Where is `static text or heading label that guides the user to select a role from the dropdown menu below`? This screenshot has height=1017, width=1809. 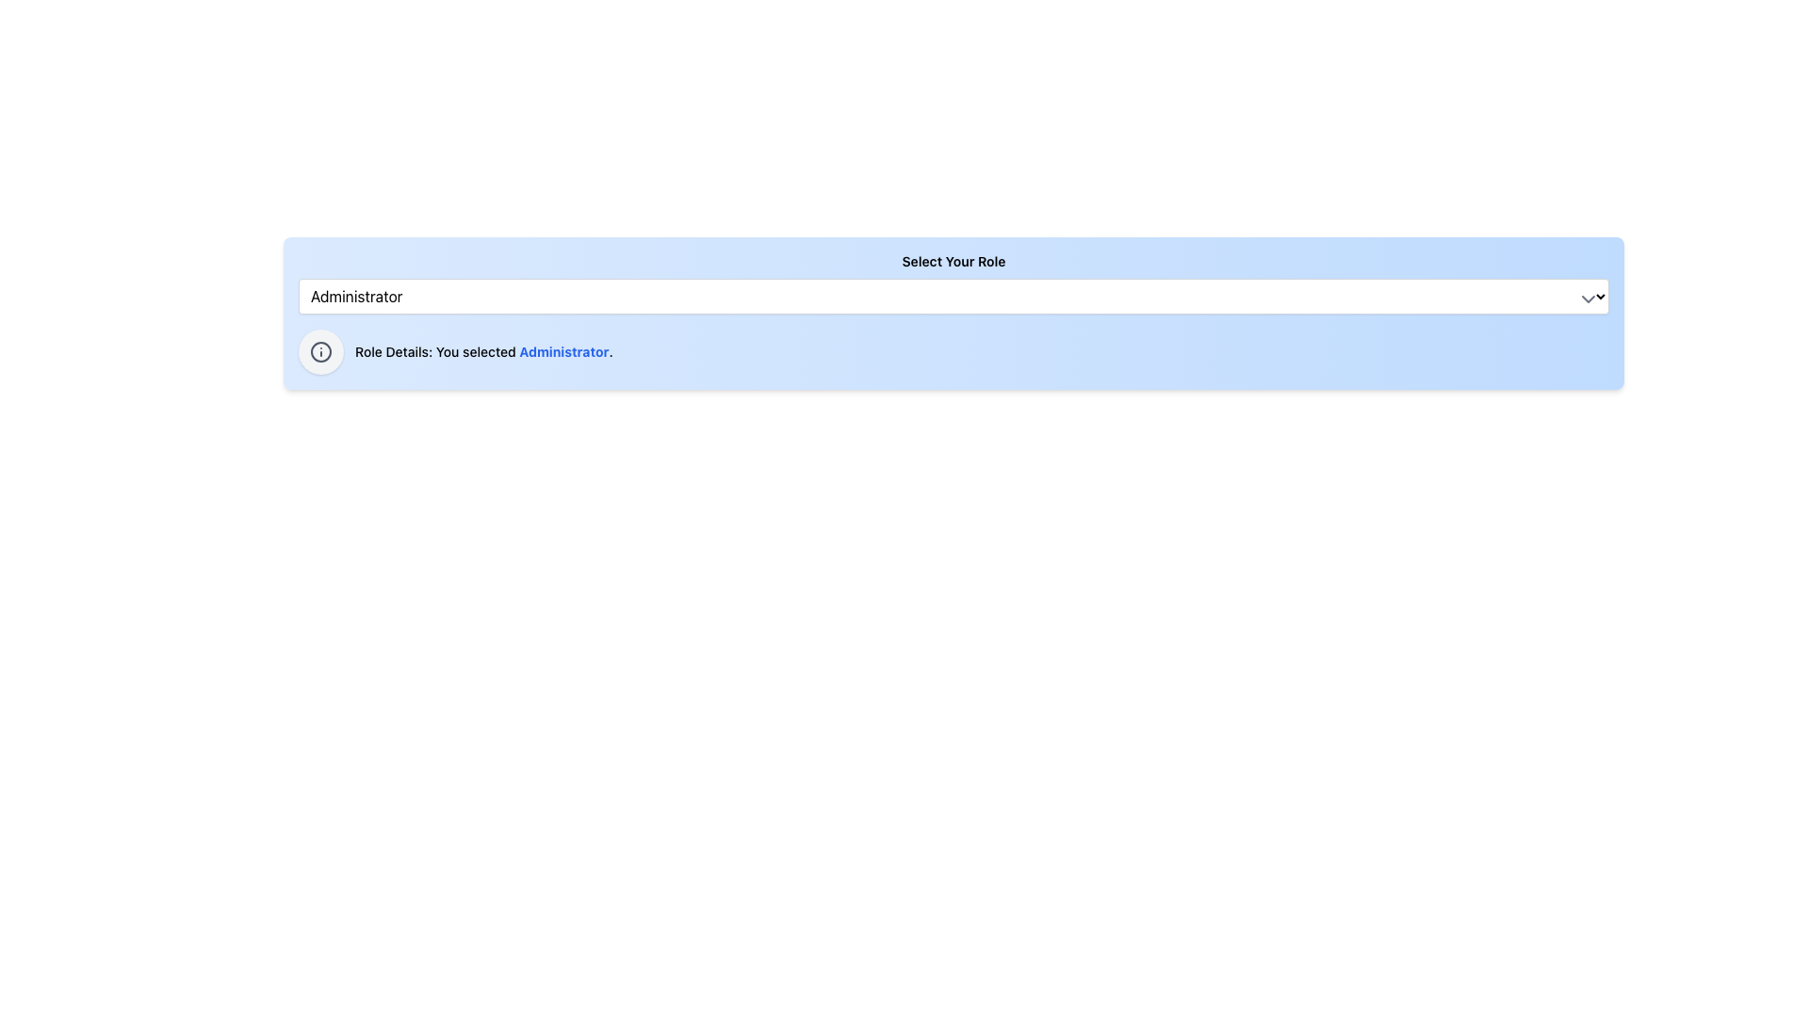
static text or heading label that guides the user to select a role from the dropdown menu below is located at coordinates (953, 261).